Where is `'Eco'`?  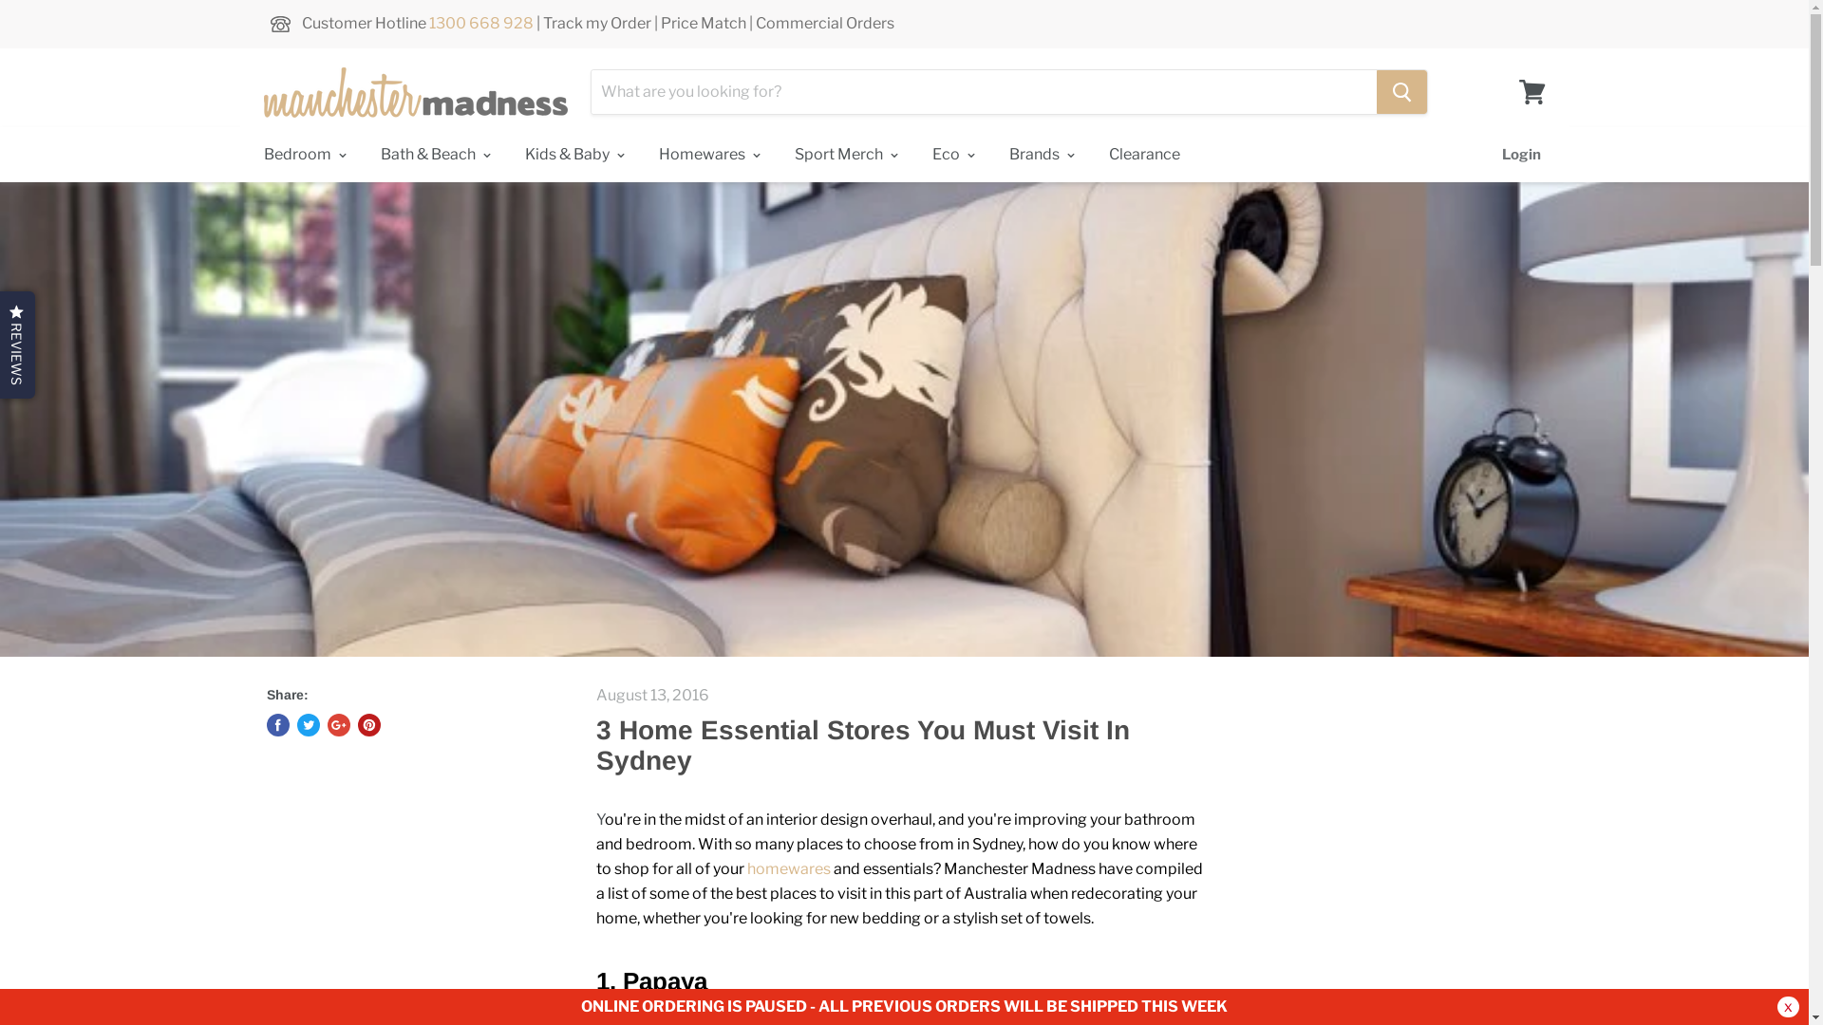 'Eco' is located at coordinates (916, 153).